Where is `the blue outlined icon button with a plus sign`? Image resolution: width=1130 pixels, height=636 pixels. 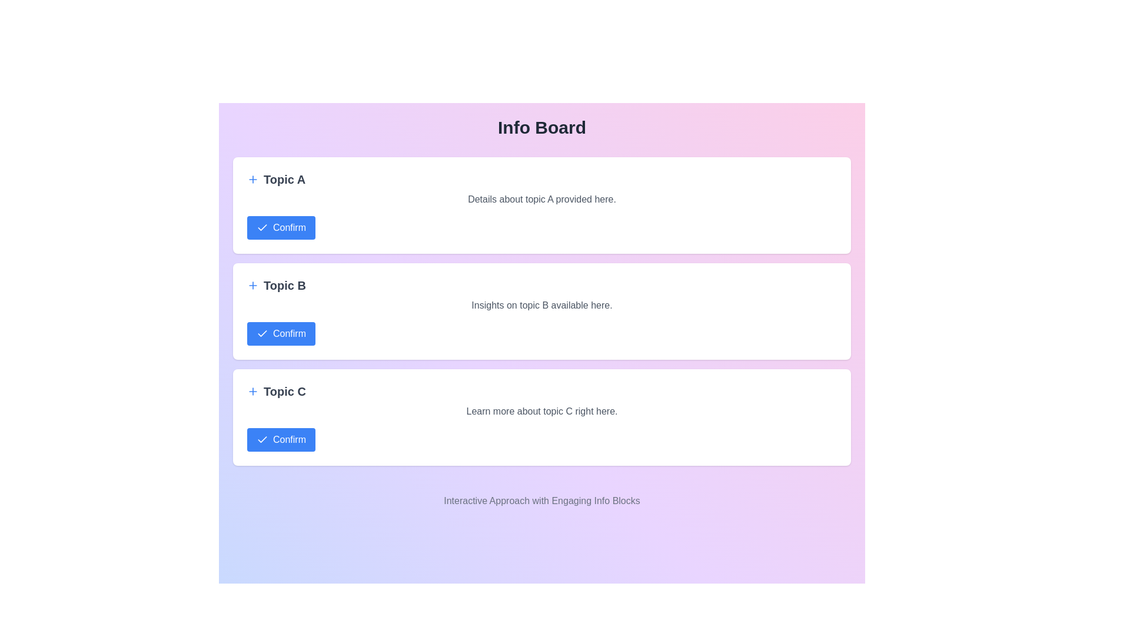
the blue outlined icon button with a plus sign is located at coordinates (252, 286).